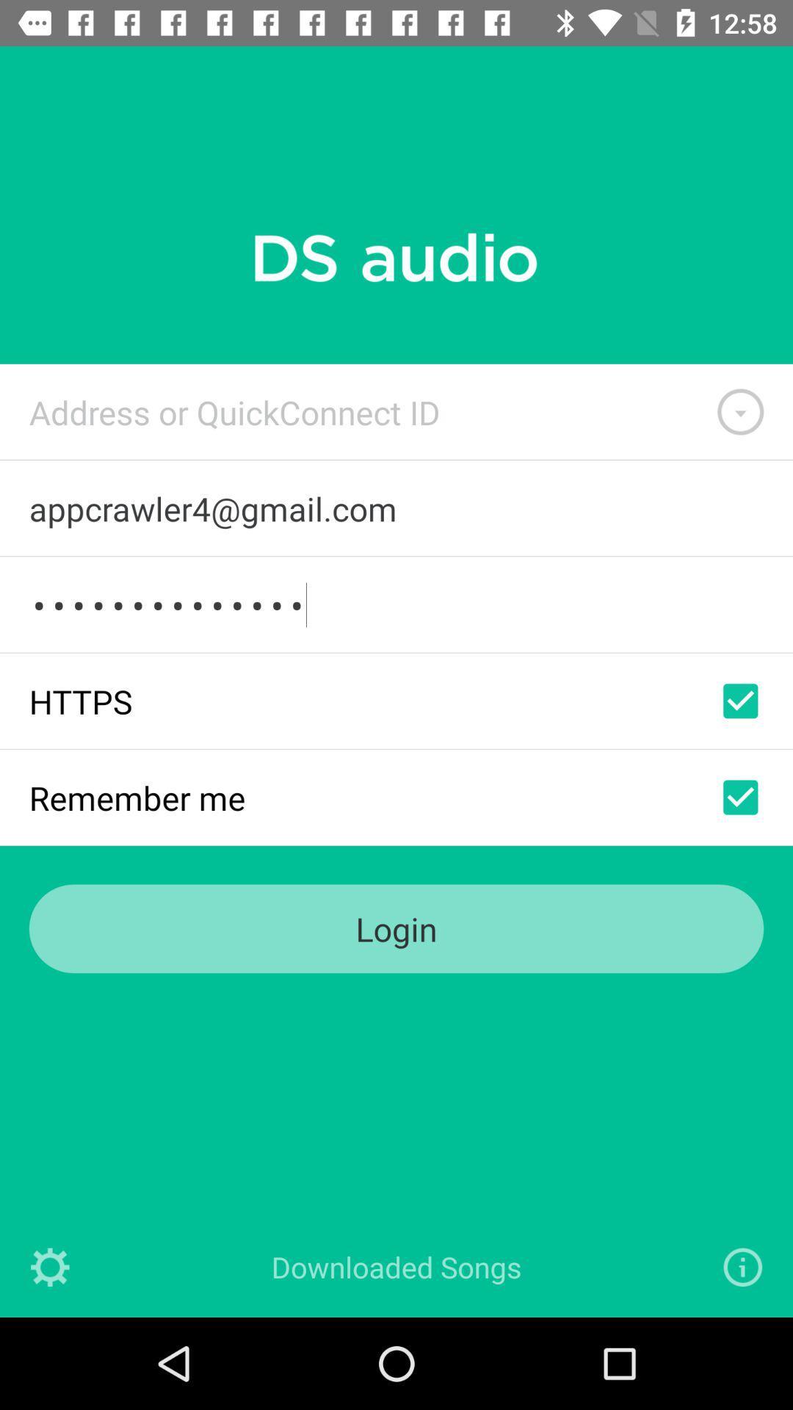  What do you see at coordinates (740, 700) in the screenshot?
I see `https mode` at bounding box center [740, 700].